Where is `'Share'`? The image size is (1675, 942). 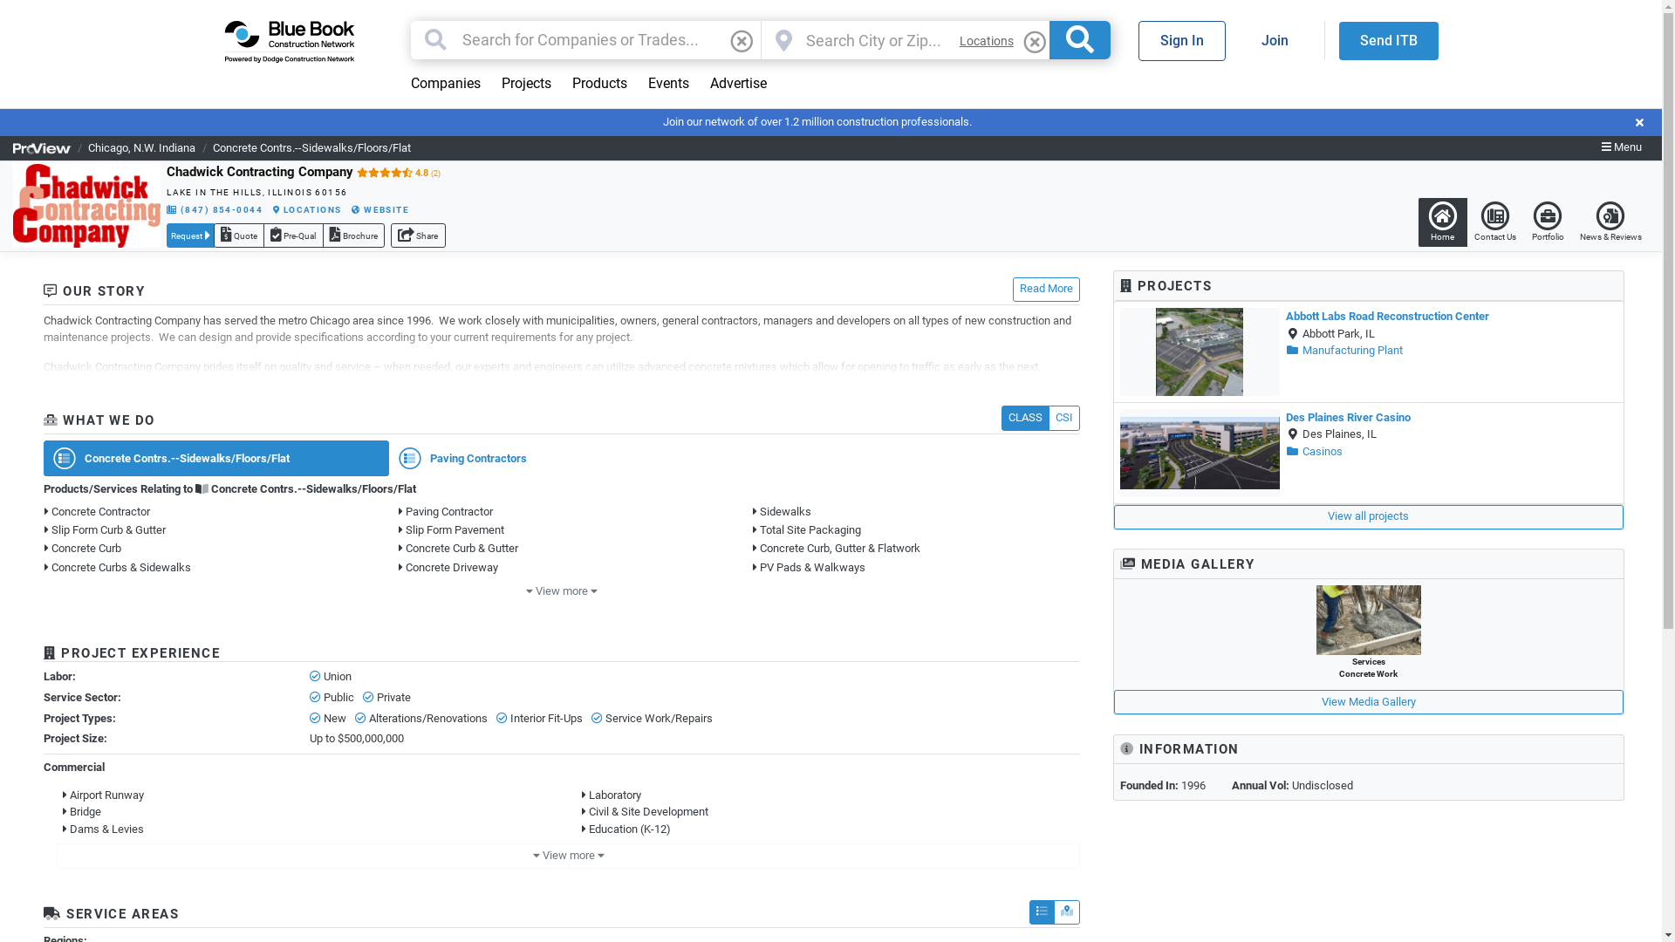
'Share' is located at coordinates (417, 235).